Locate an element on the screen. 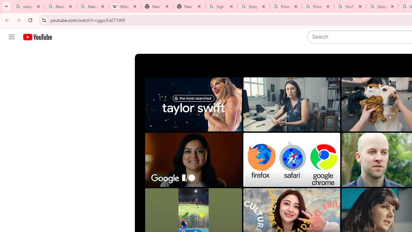  'New Tab' is located at coordinates (189, 6).